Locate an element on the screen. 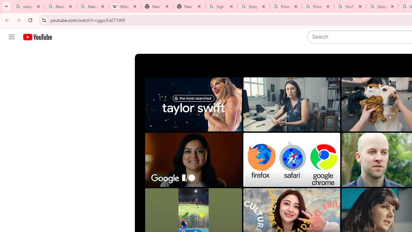  'New Tab' is located at coordinates (189, 6).